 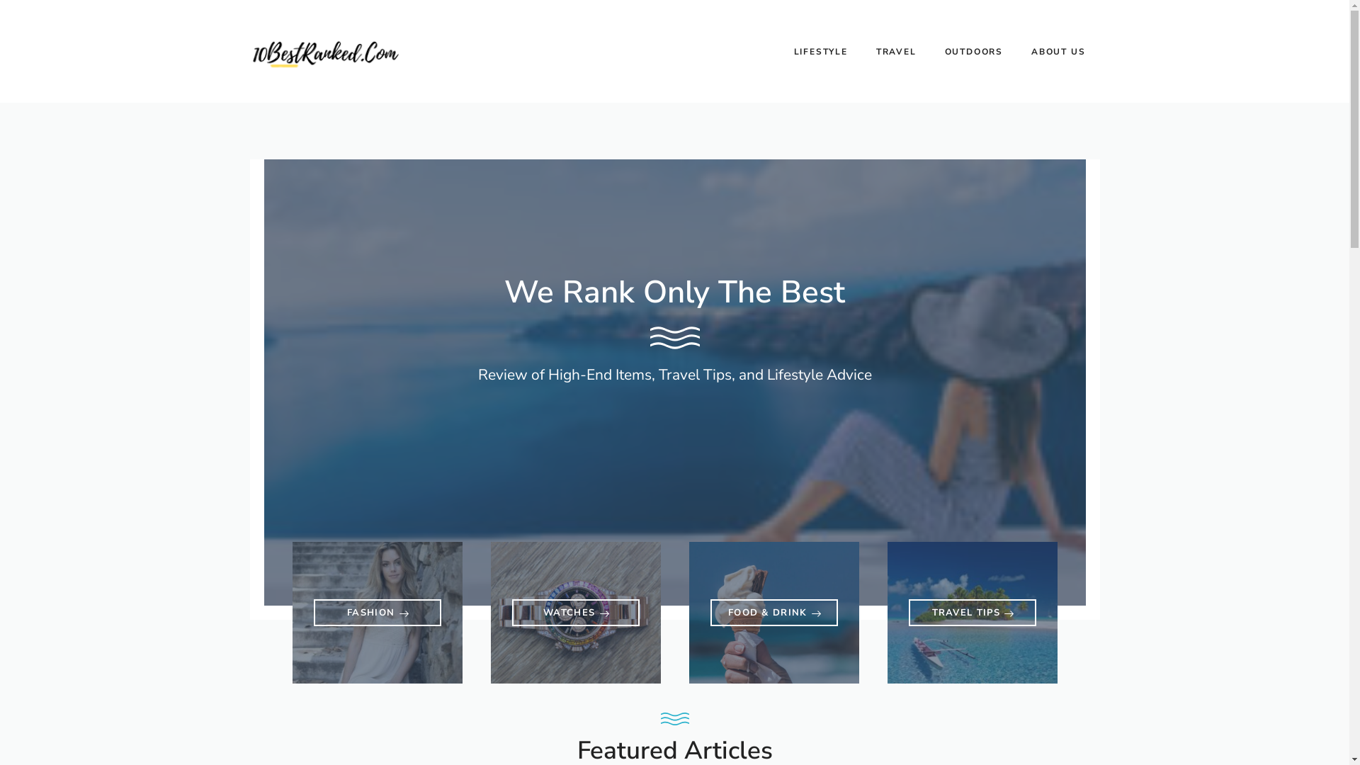 I want to click on 'ABOUT US', so click(x=1058, y=50).